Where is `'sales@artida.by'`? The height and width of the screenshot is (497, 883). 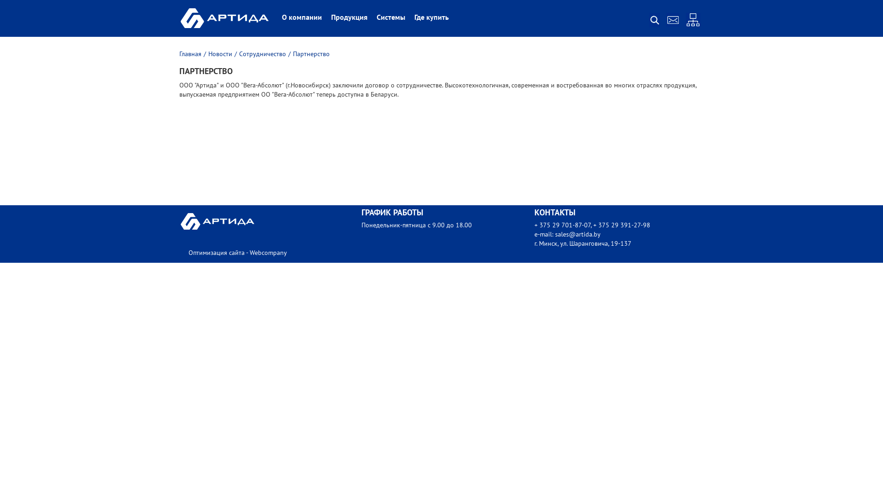
'sales@artida.by' is located at coordinates (577, 234).